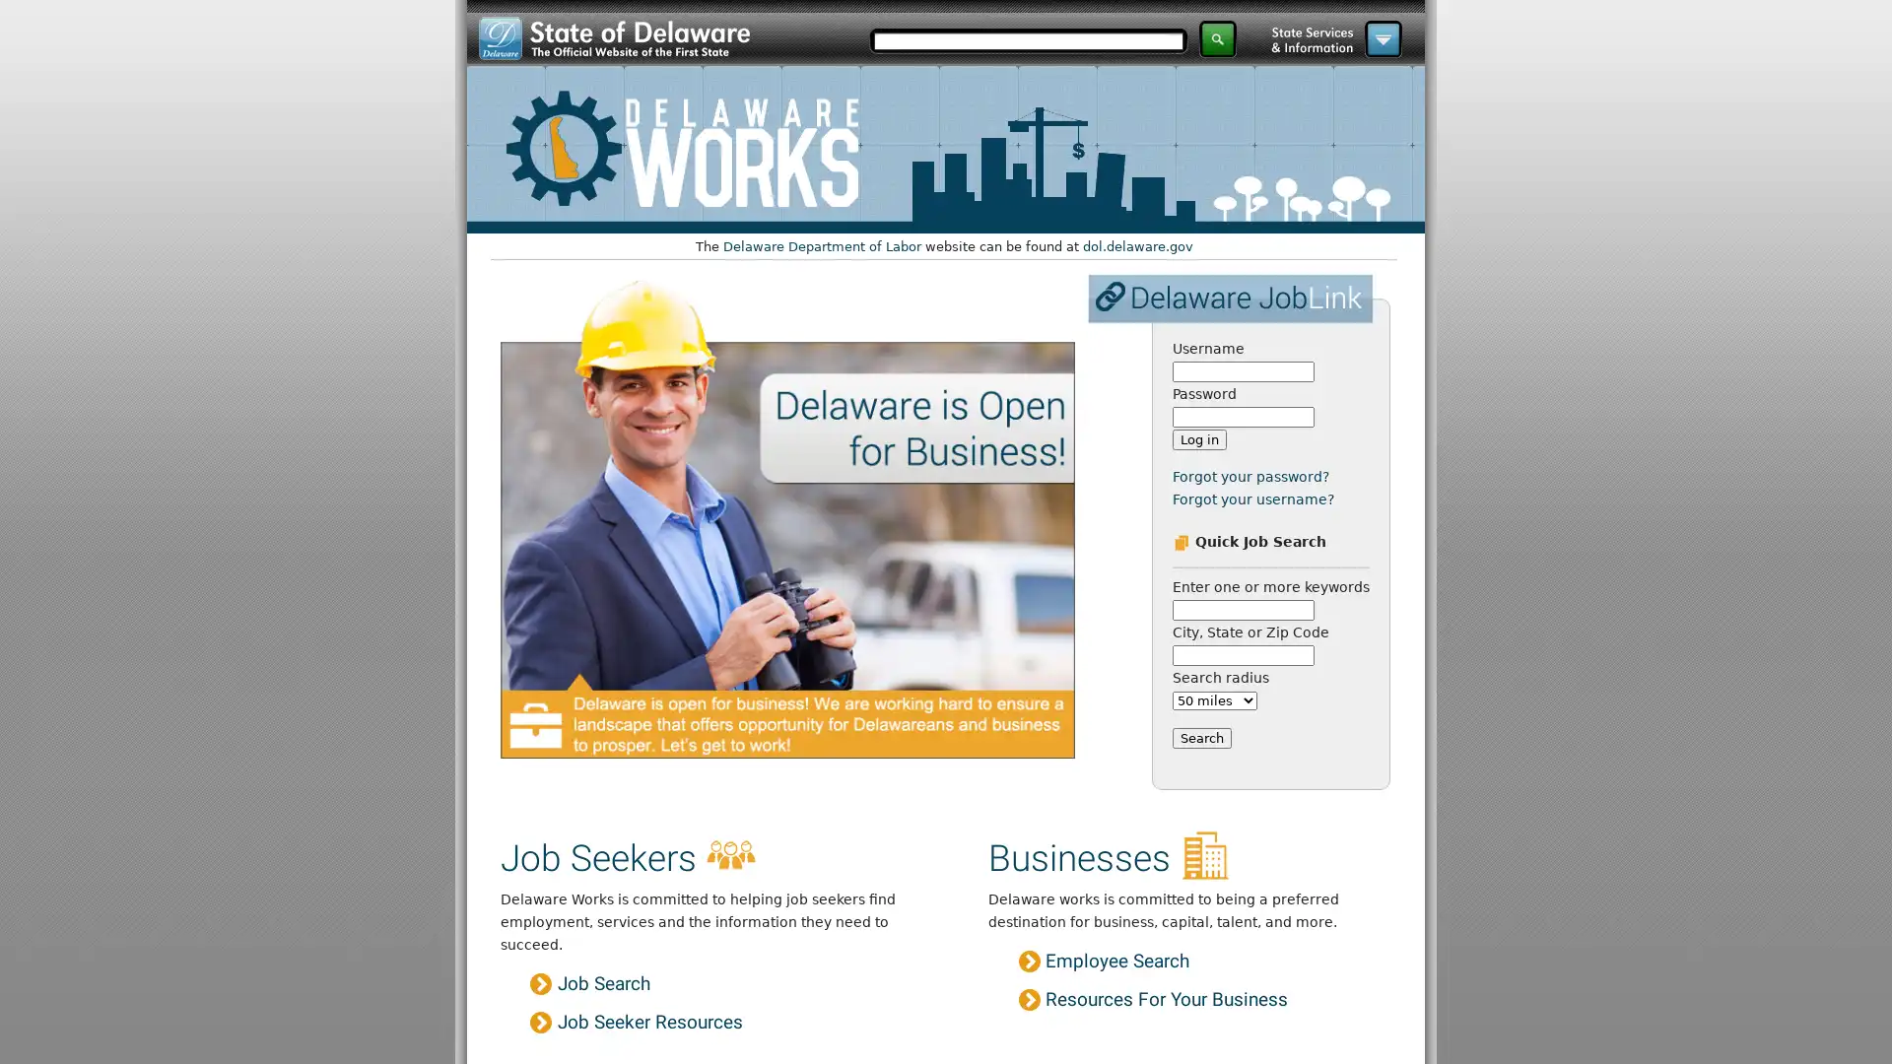 This screenshot has width=1892, height=1064. Describe the element at coordinates (1382, 38) in the screenshot. I see `services` at that location.